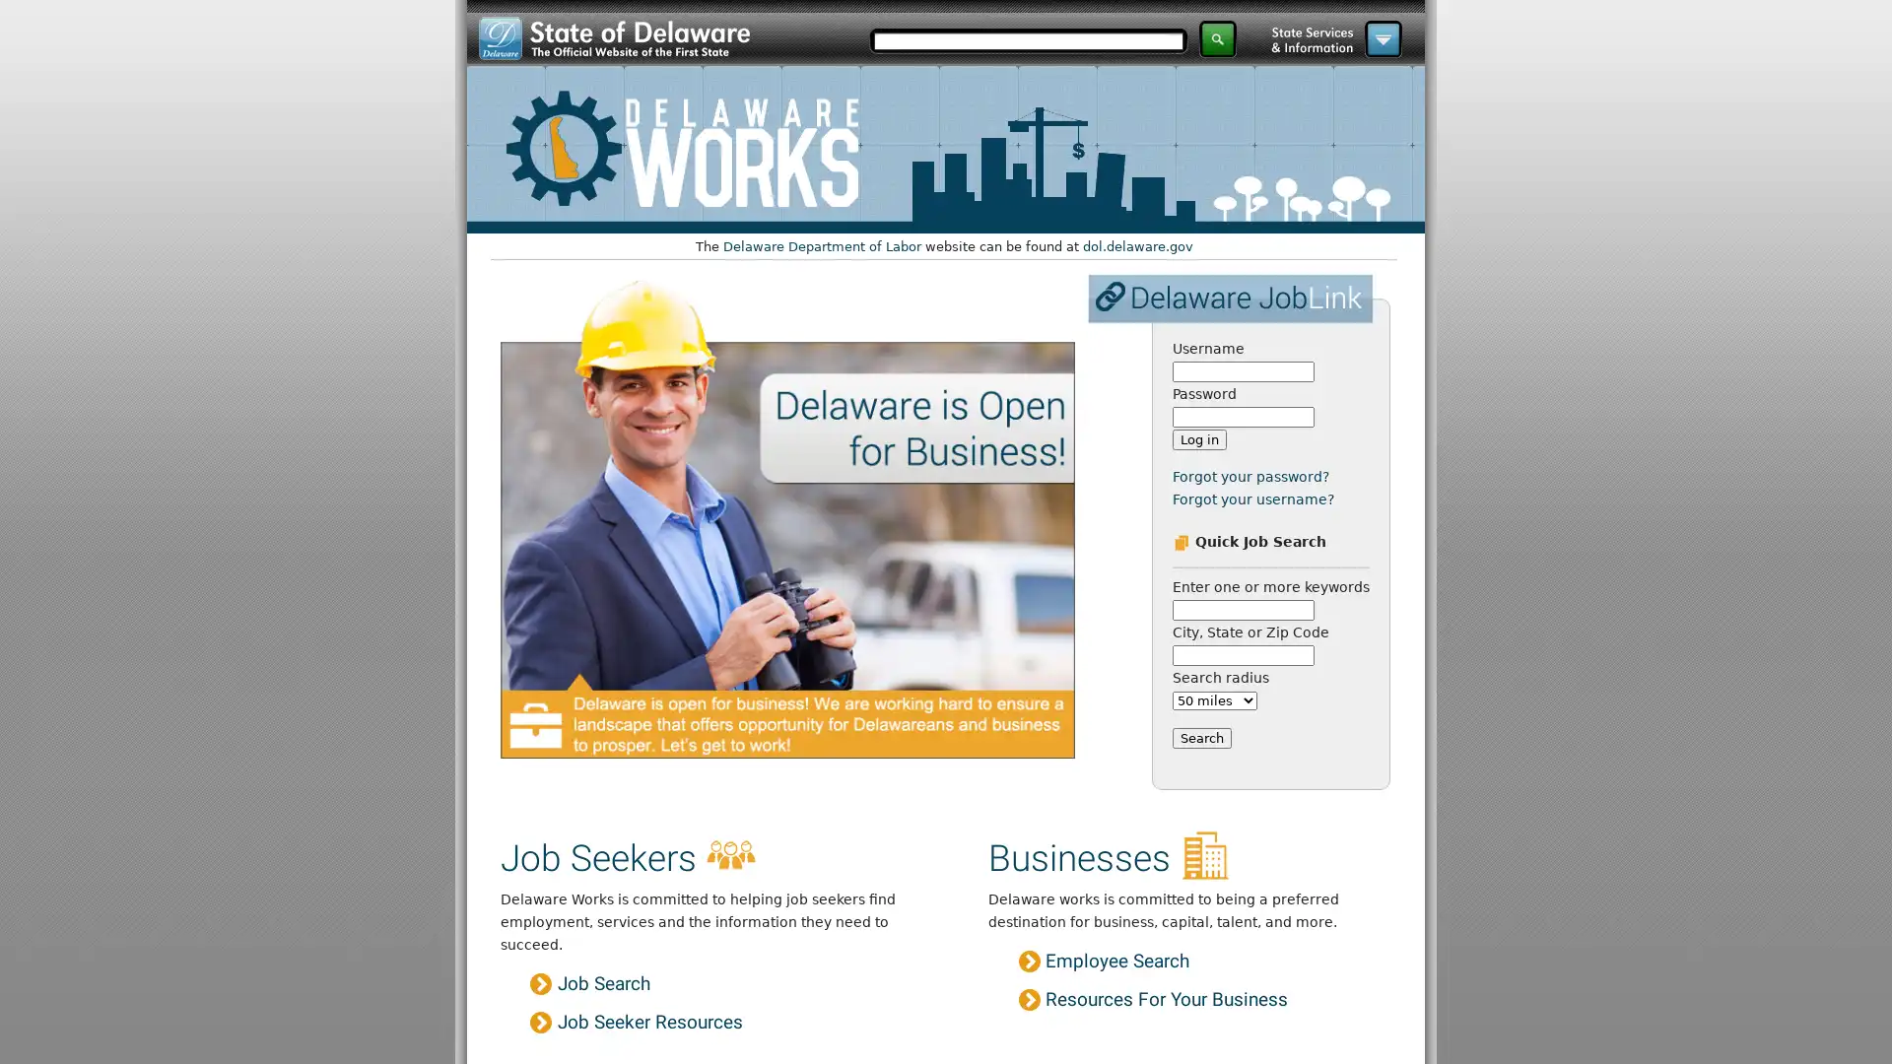 This screenshot has width=1892, height=1064. Describe the element at coordinates (1382, 38) in the screenshot. I see `services` at that location.